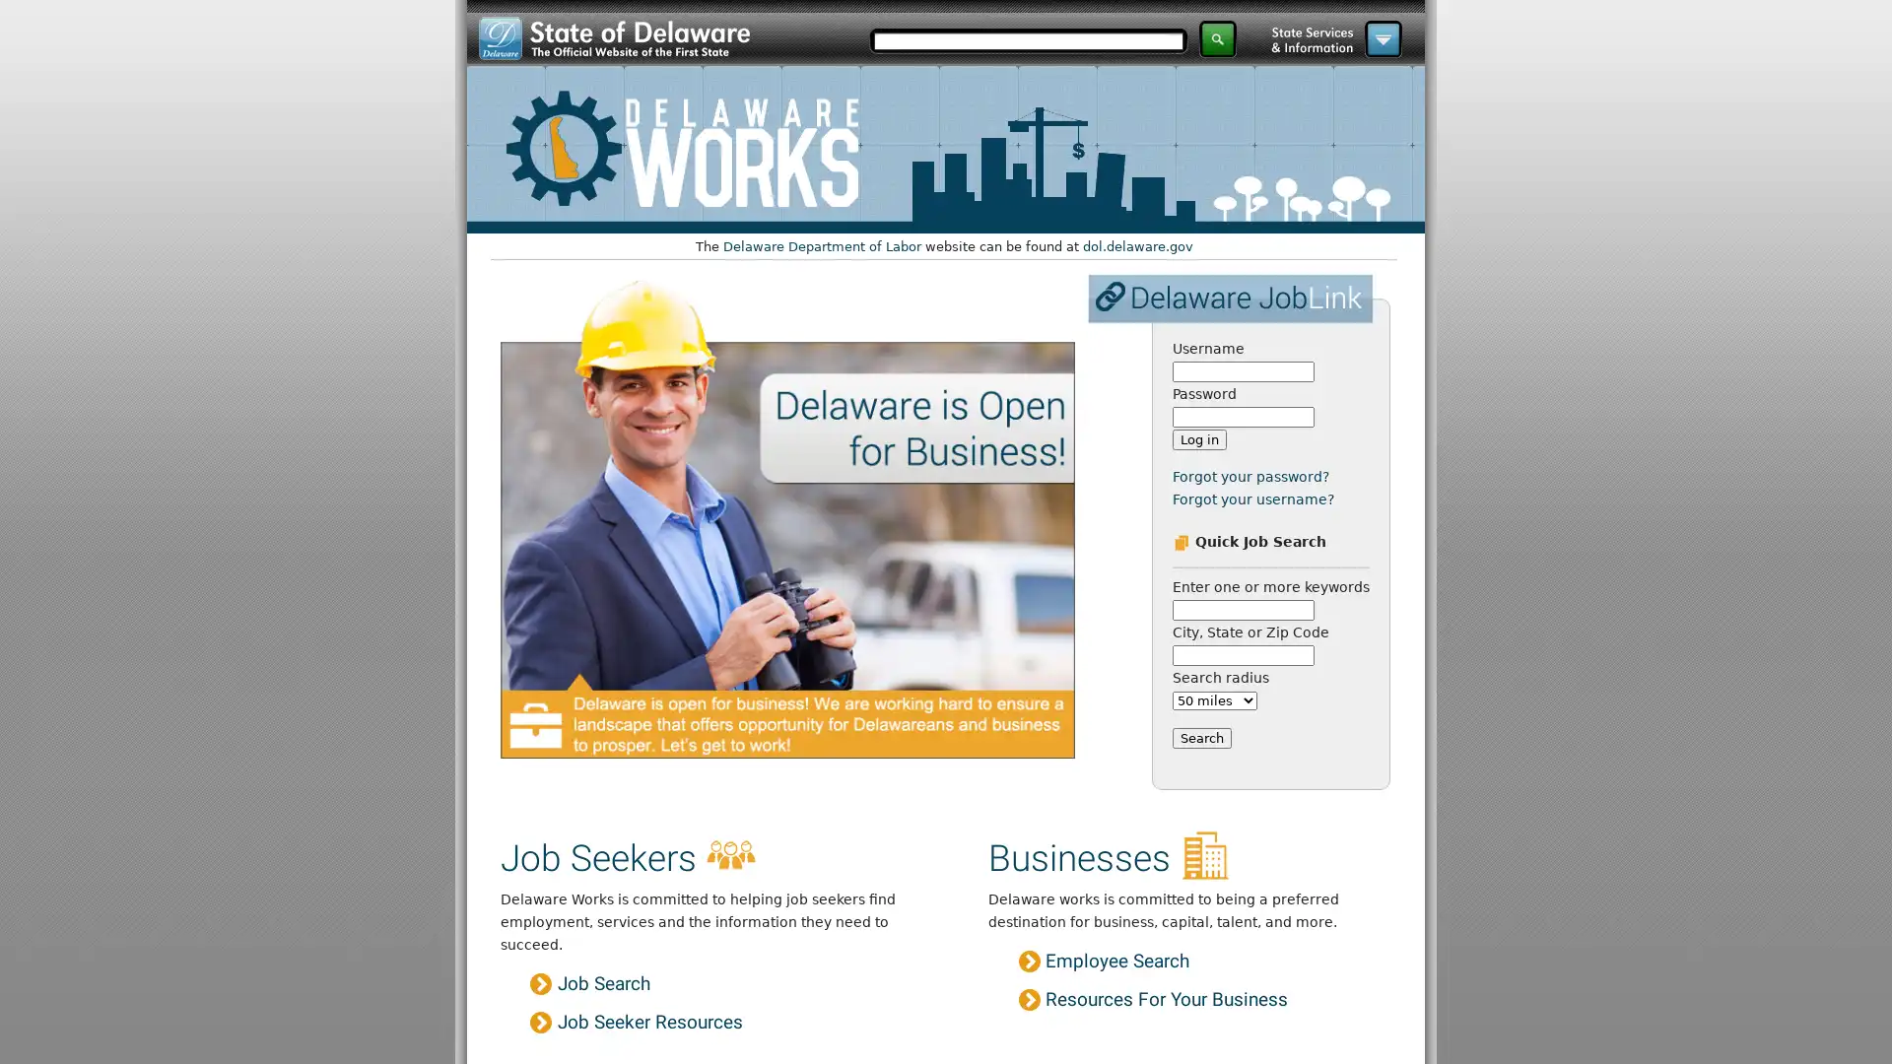 This screenshot has width=1892, height=1064. Describe the element at coordinates (1382, 38) in the screenshot. I see `services` at that location.